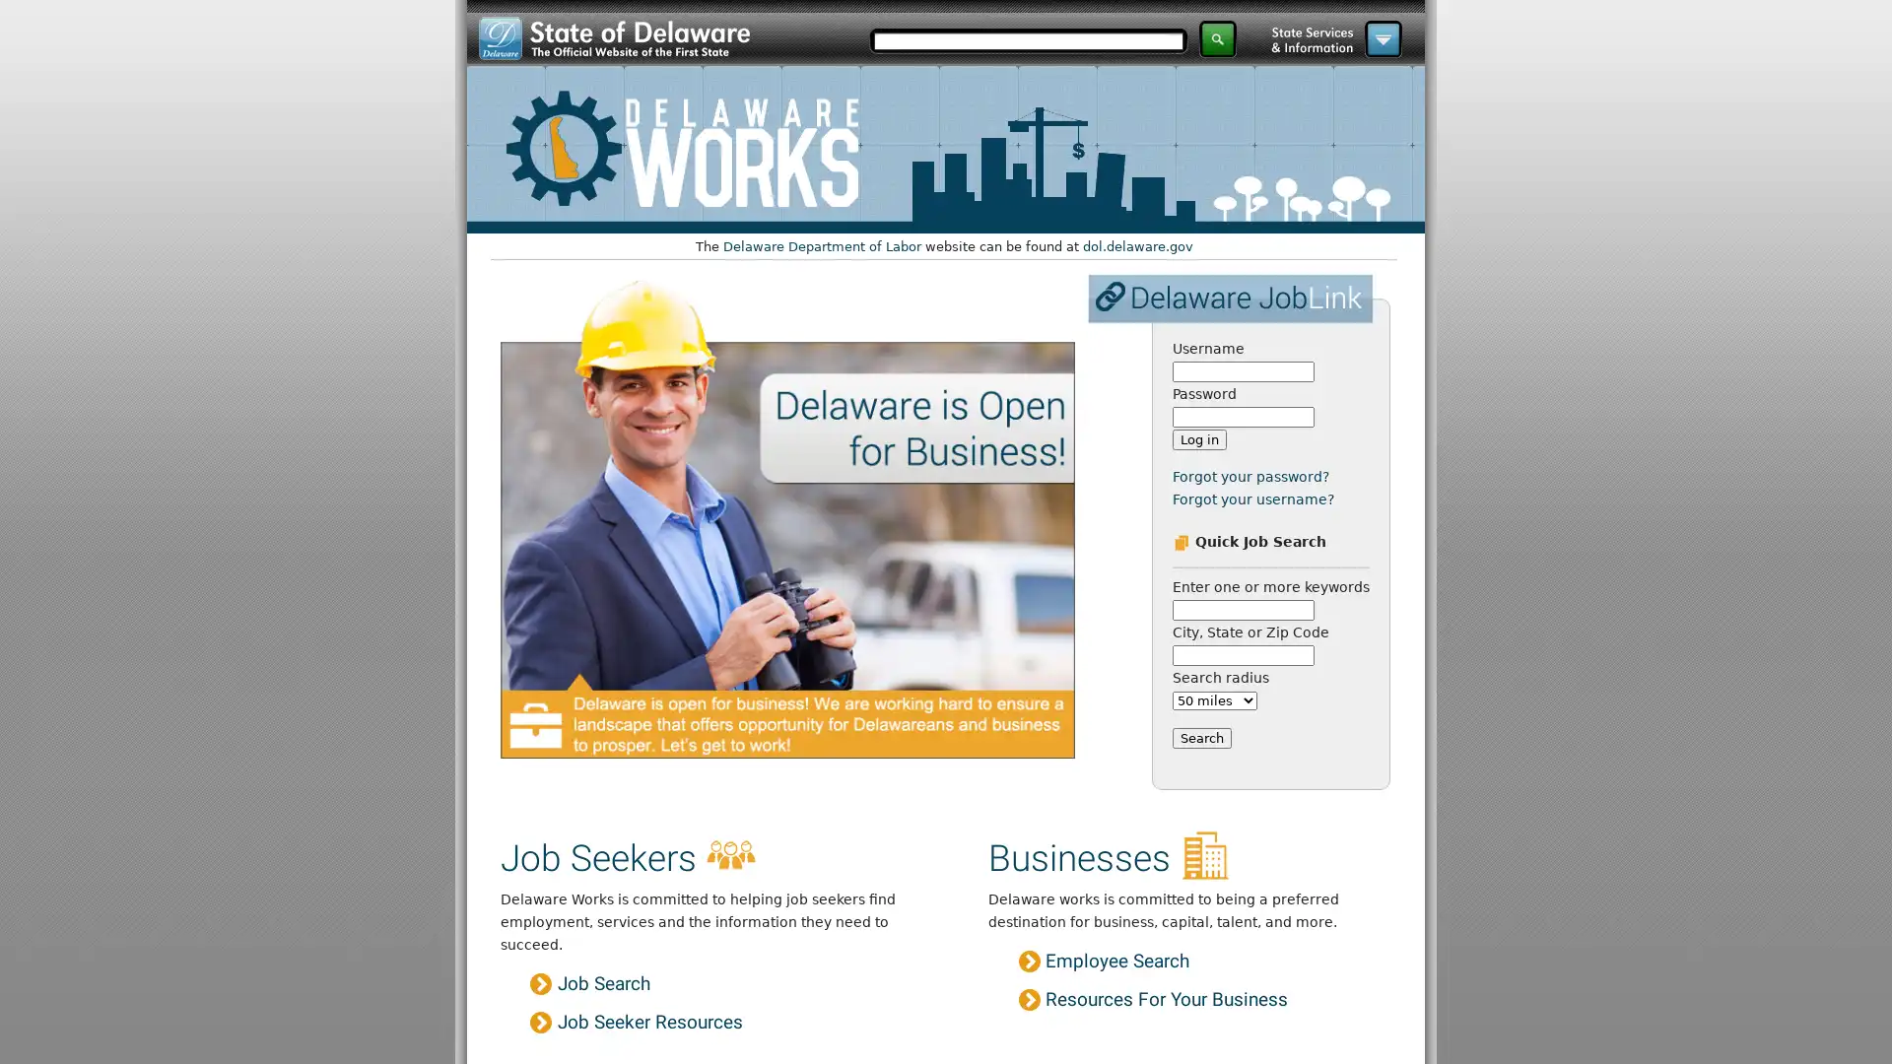 This screenshot has width=1892, height=1064. Describe the element at coordinates (1382, 38) in the screenshot. I see `services` at that location.